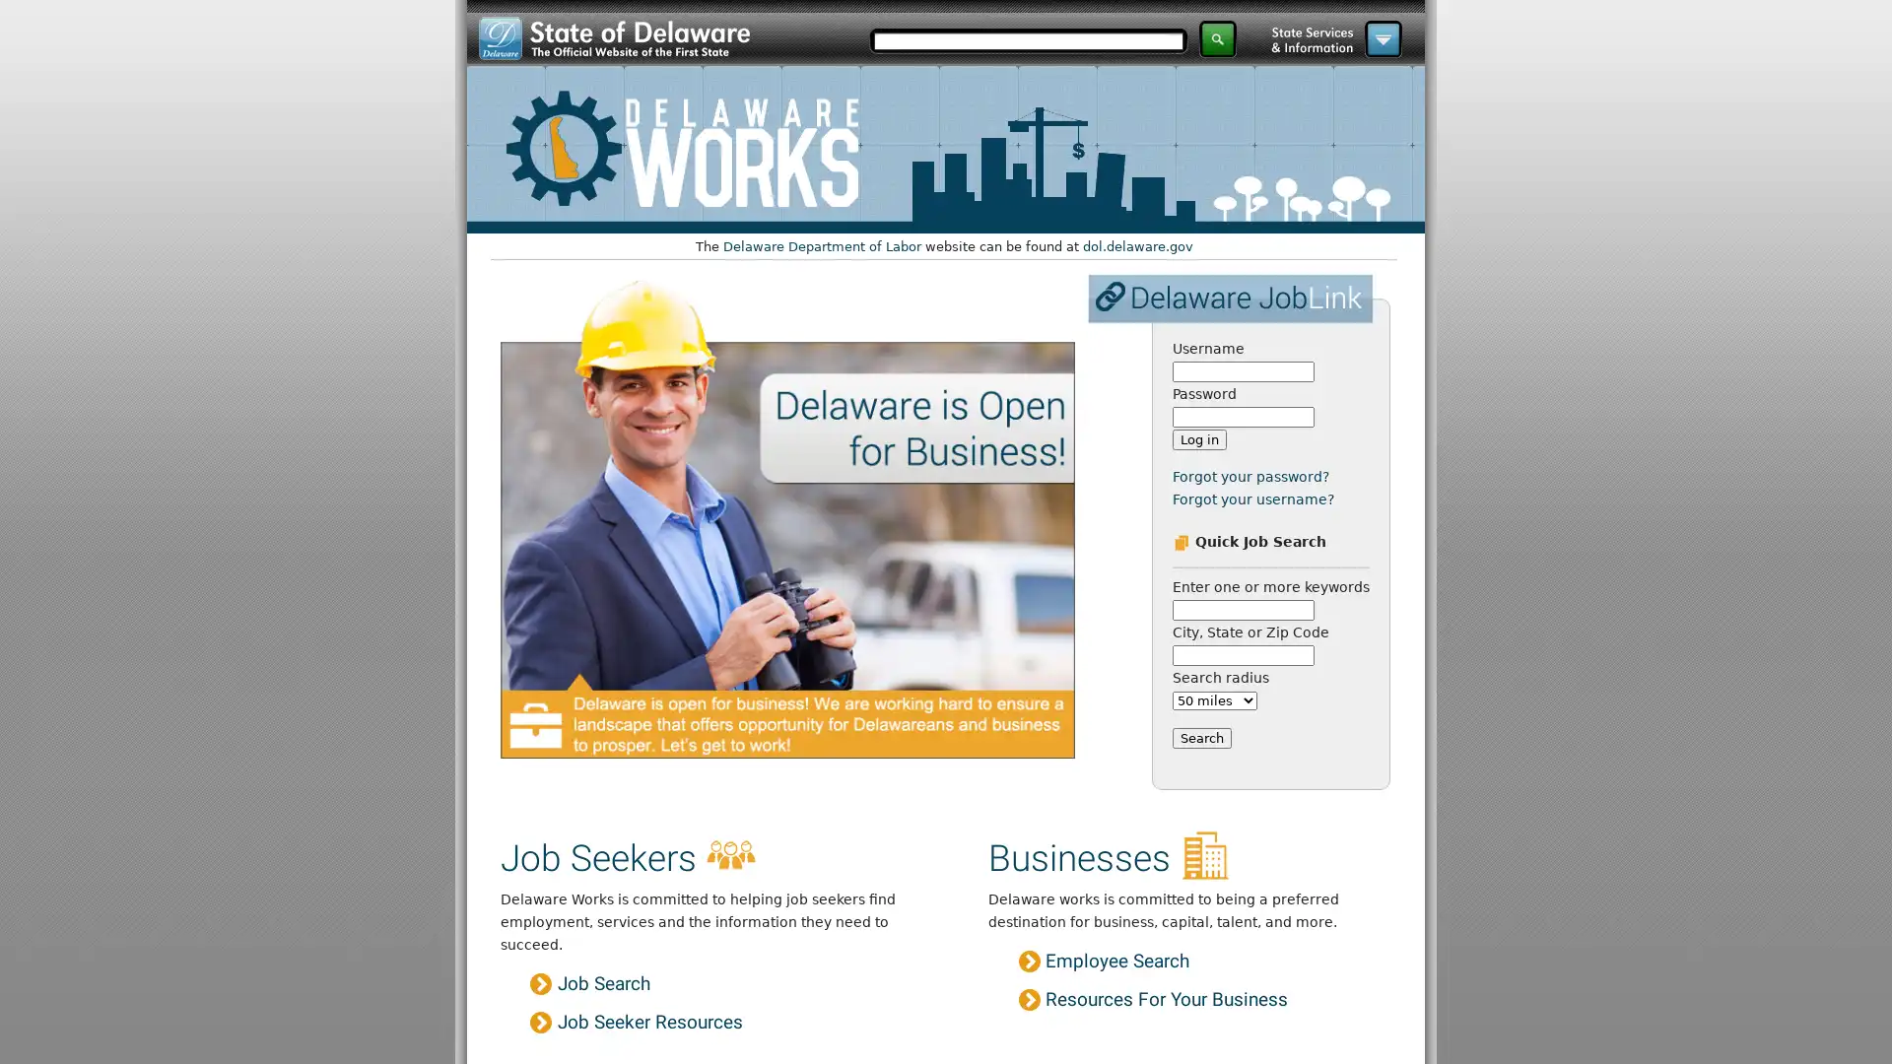 This screenshot has width=1892, height=1064. Describe the element at coordinates (1382, 38) in the screenshot. I see `services` at that location.